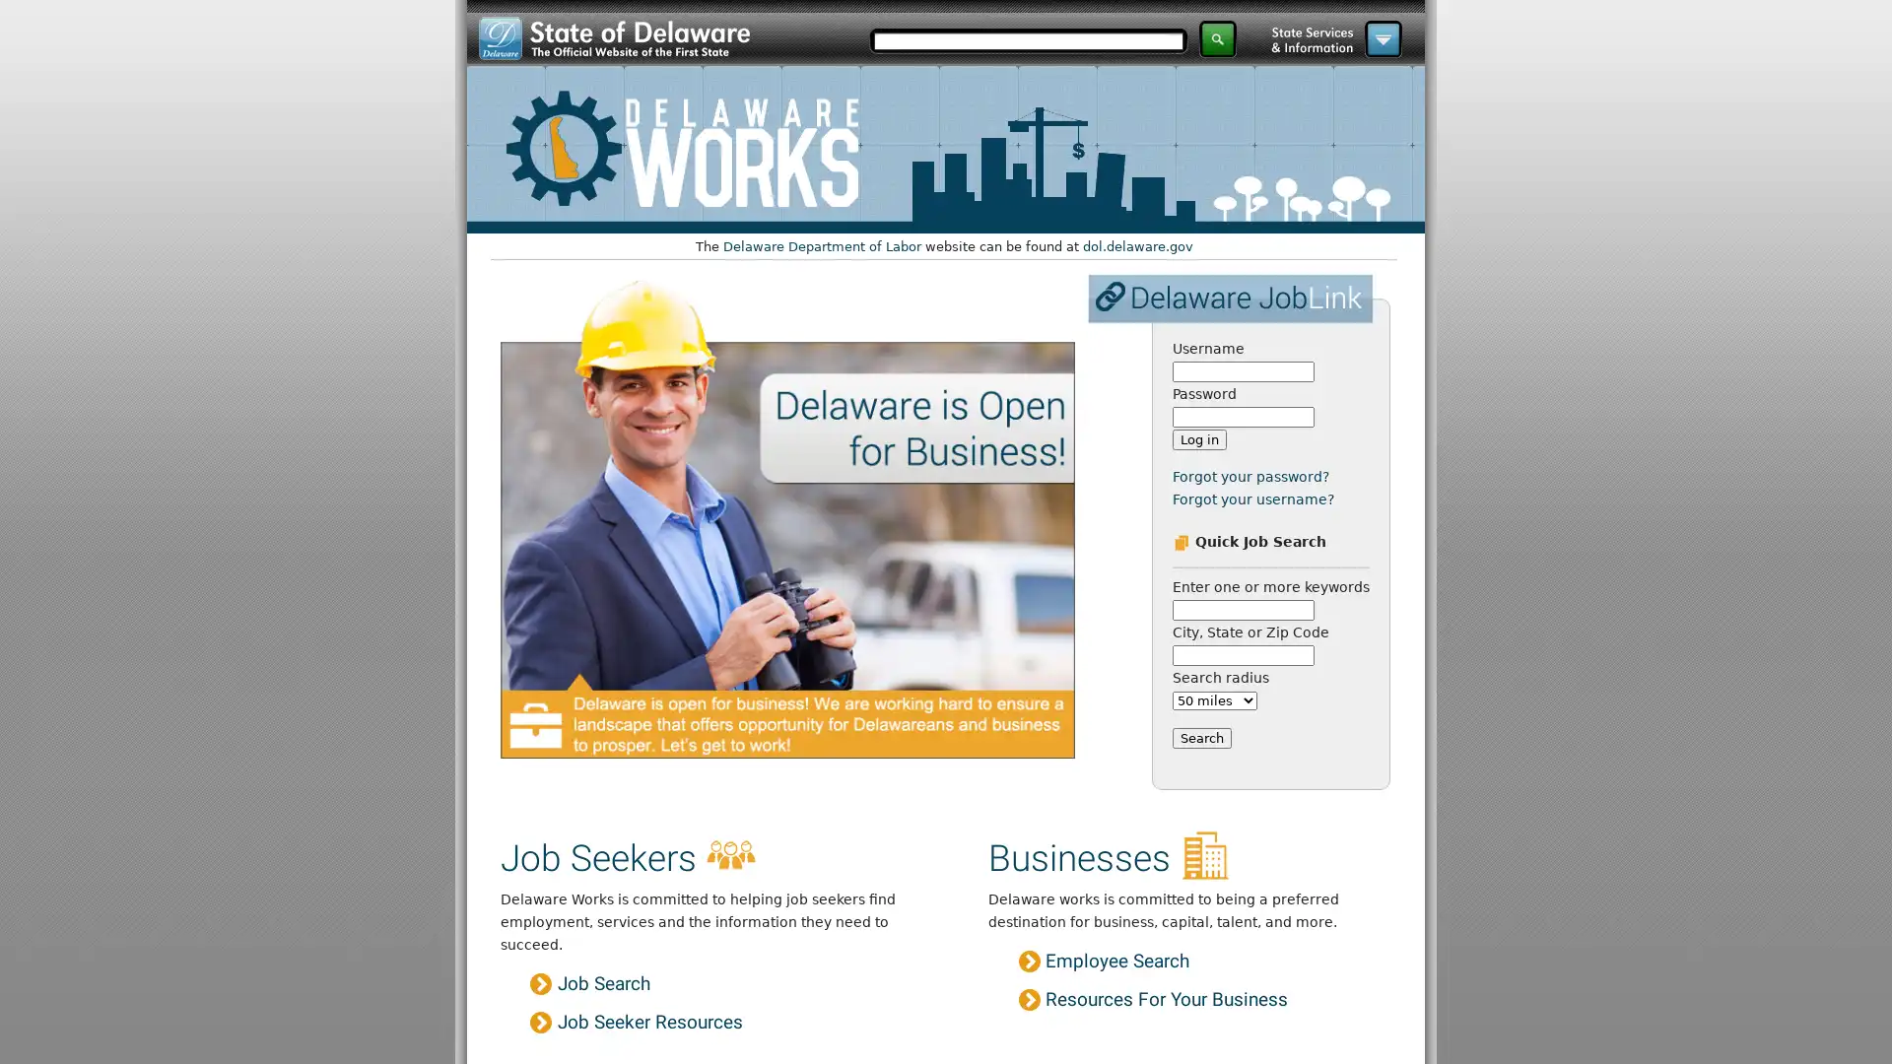 This screenshot has width=1892, height=1064. Describe the element at coordinates (1382, 38) in the screenshot. I see `services` at that location.